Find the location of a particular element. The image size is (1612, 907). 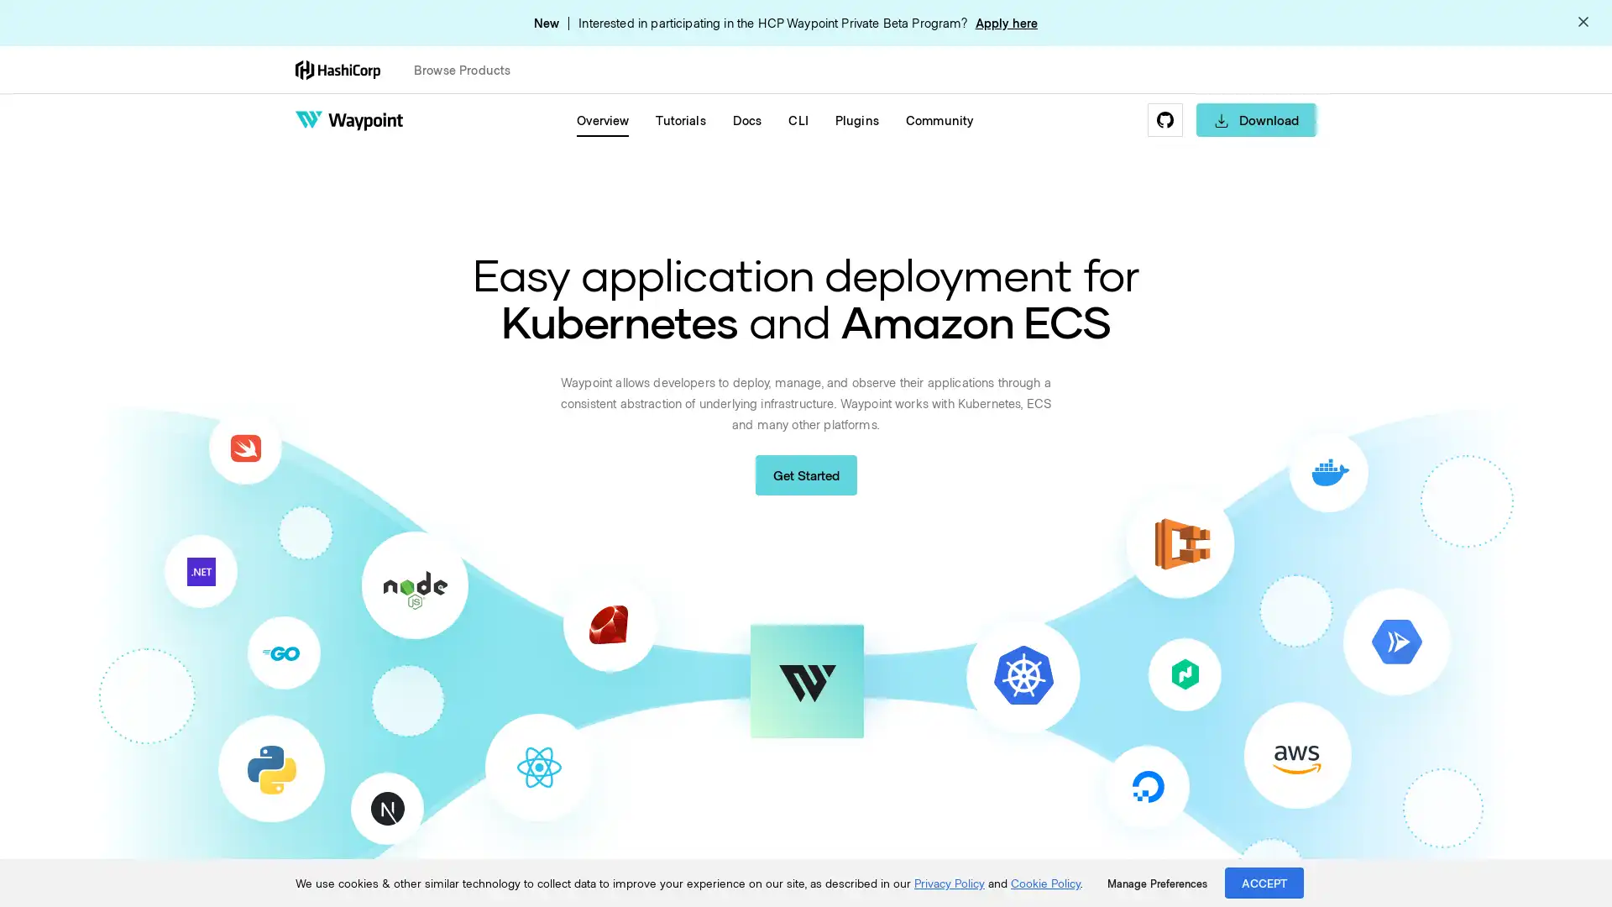

ACCEPT is located at coordinates (1264, 882).